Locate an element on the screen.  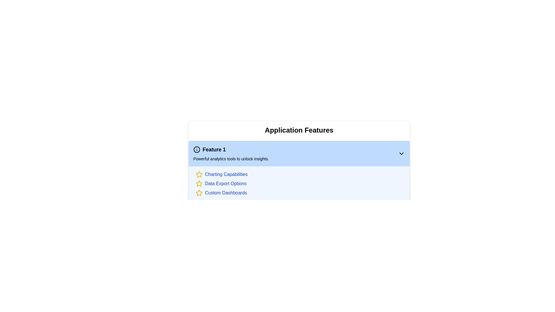
the information provided by the Text Display element that includes the heading 'Feature 1' and the description 'Powerful analytics tools to unlock insights.' is located at coordinates (231, 153).